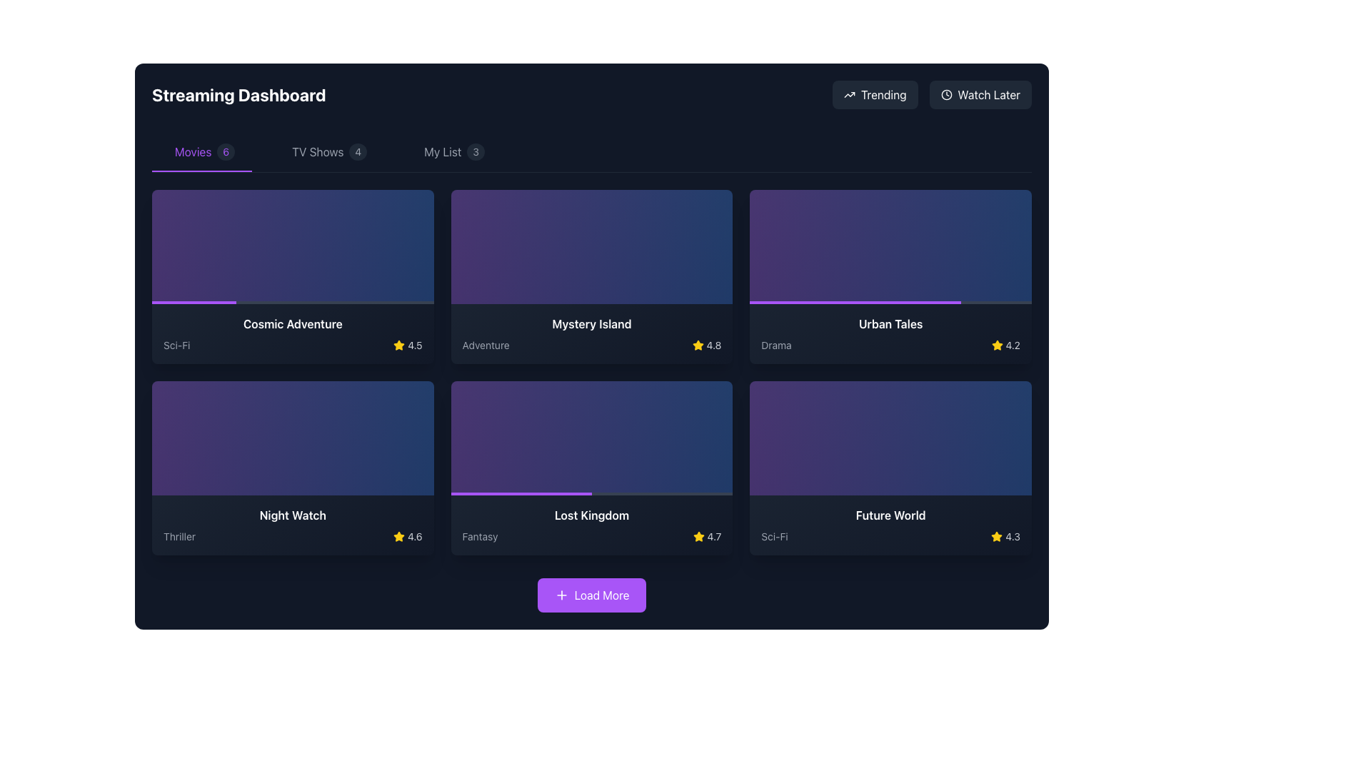 Image resolution: width=1371 pixels, height=771 pixels. What do you see at coordinates (592, 246) in the screenshot?
I see `the visual banner section with a purple and blue gradient, which is the upper section of the 'Mystery Island' card located in the Movies section` at bounding box center [592, 246].